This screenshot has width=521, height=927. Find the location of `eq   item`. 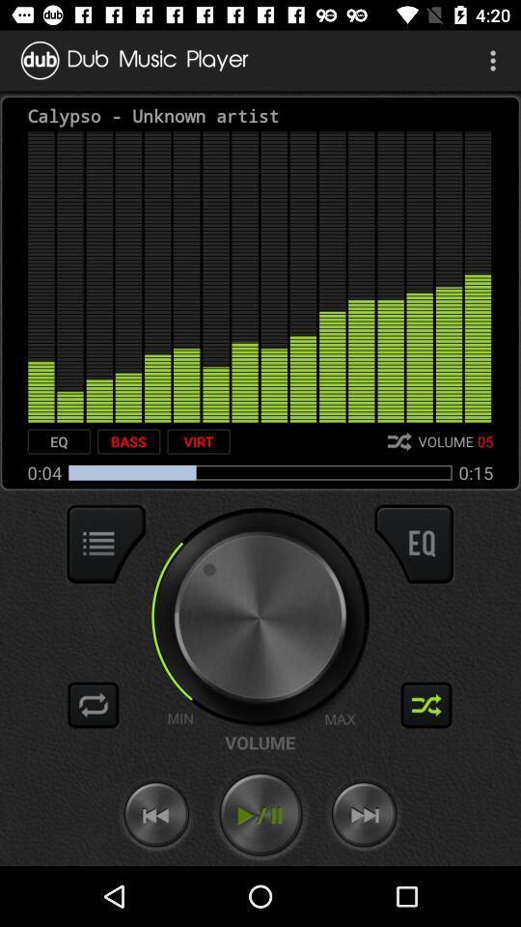

eq   item is located at coordinates (59, 441).